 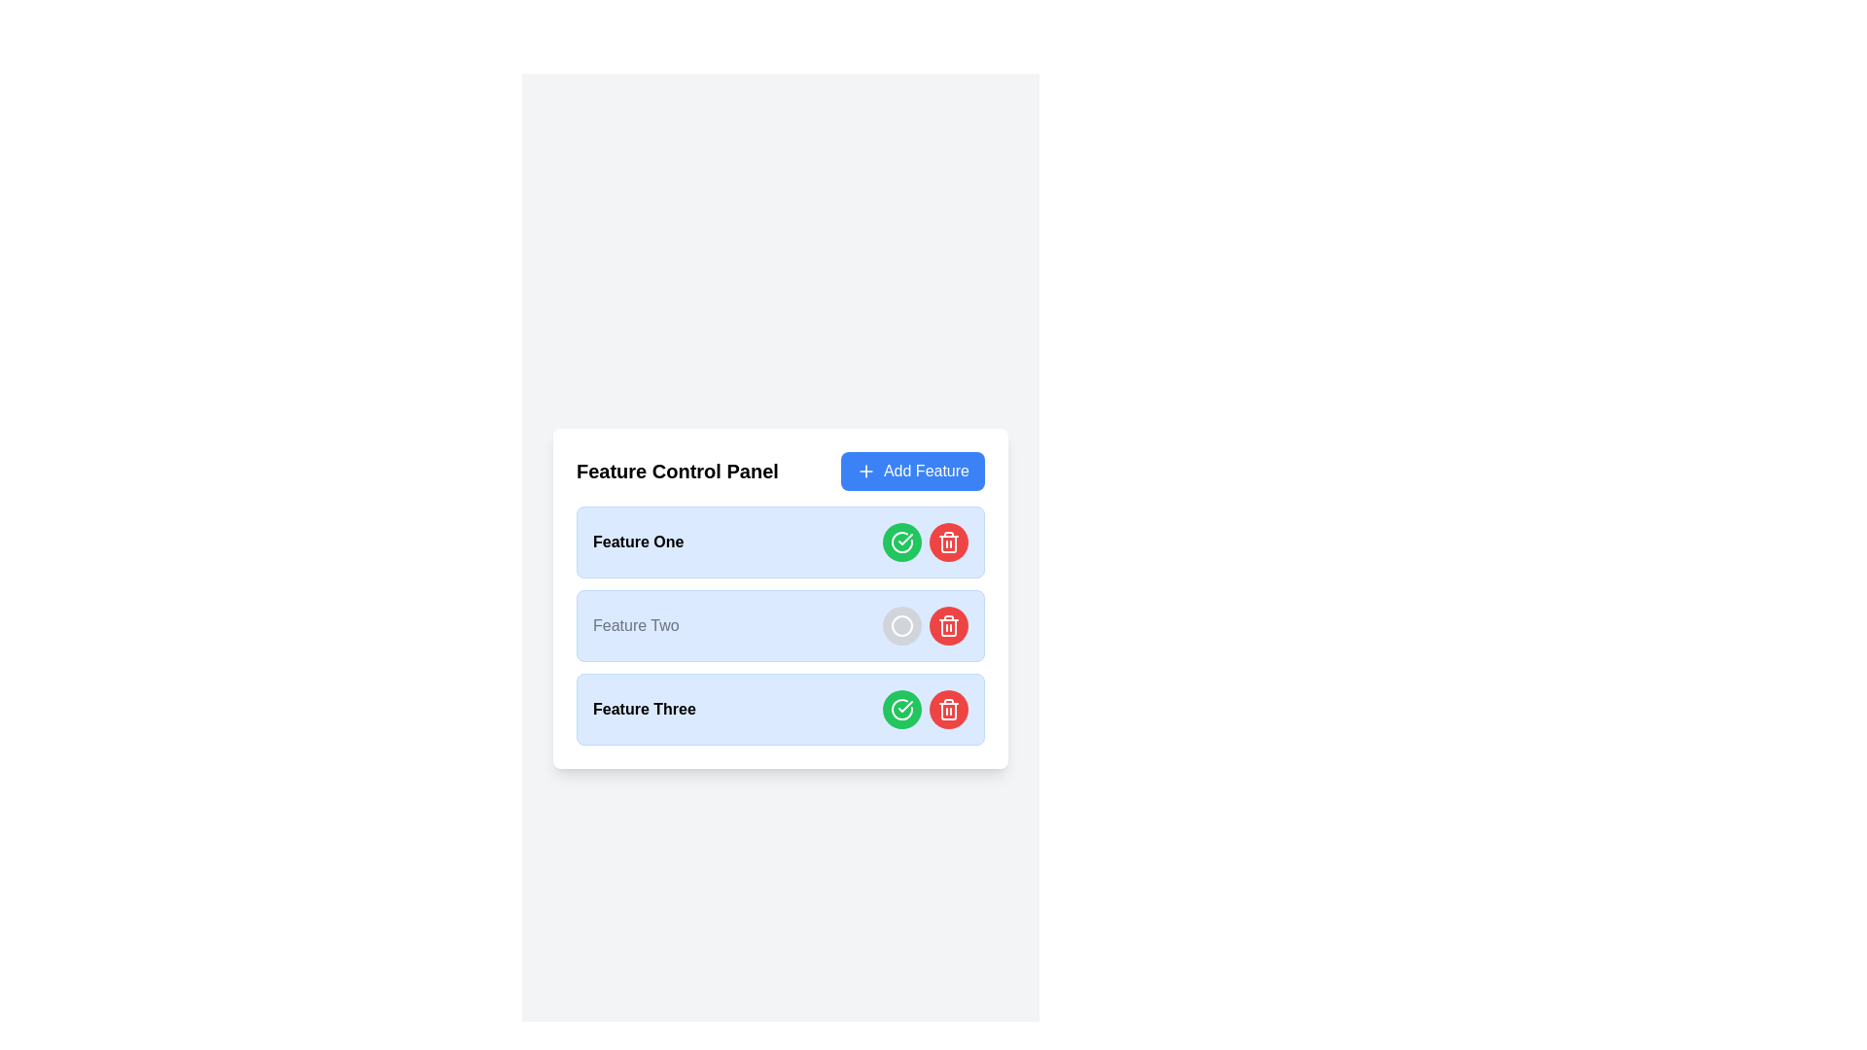 I want to click on the delete button for 'Feature Two', which is located to the right of the controls for that item, so click(x=948, y=626).